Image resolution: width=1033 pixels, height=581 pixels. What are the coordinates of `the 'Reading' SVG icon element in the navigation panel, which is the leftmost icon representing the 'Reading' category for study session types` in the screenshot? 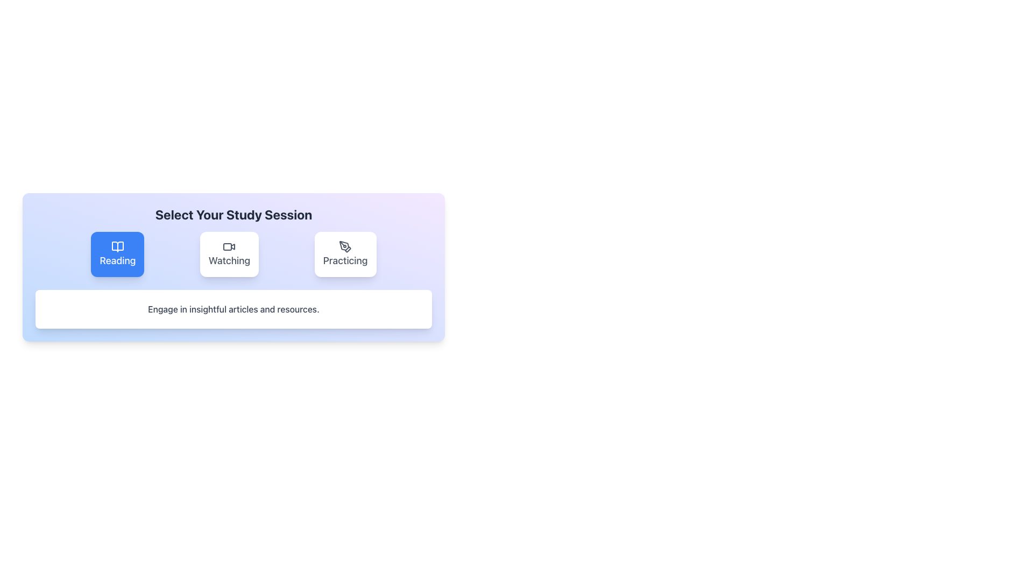 It's located at (117, 247).